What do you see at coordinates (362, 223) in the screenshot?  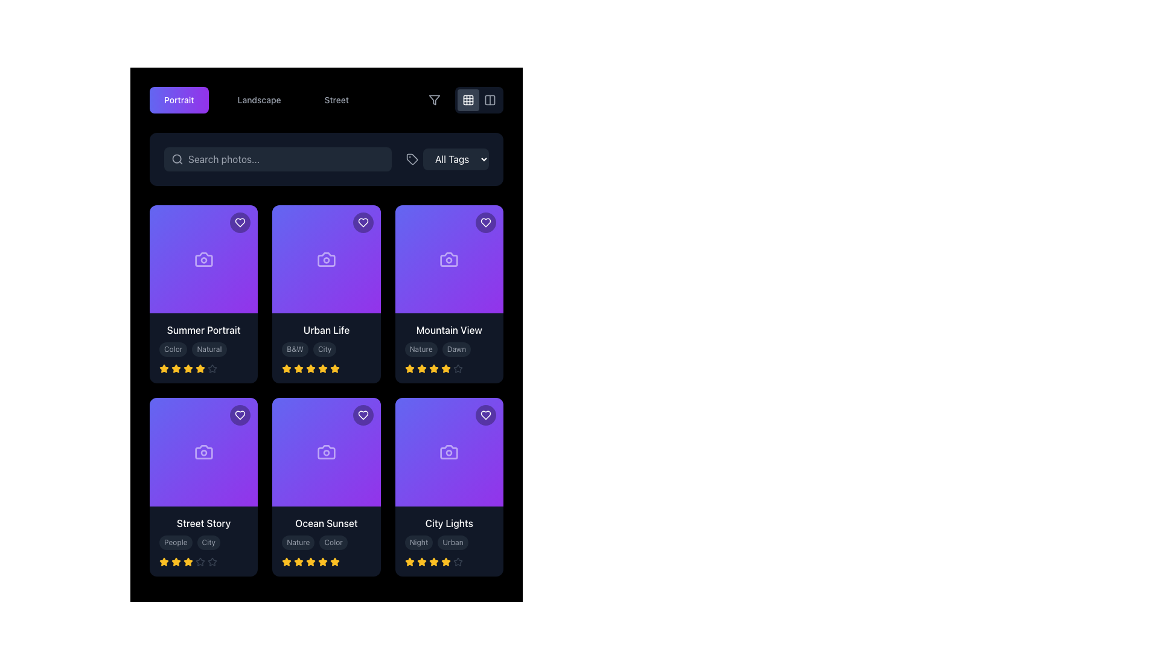 I see `the 'like' button located at the top-right corner of the 'Urban Life' card` at bounding box center [362, 223].